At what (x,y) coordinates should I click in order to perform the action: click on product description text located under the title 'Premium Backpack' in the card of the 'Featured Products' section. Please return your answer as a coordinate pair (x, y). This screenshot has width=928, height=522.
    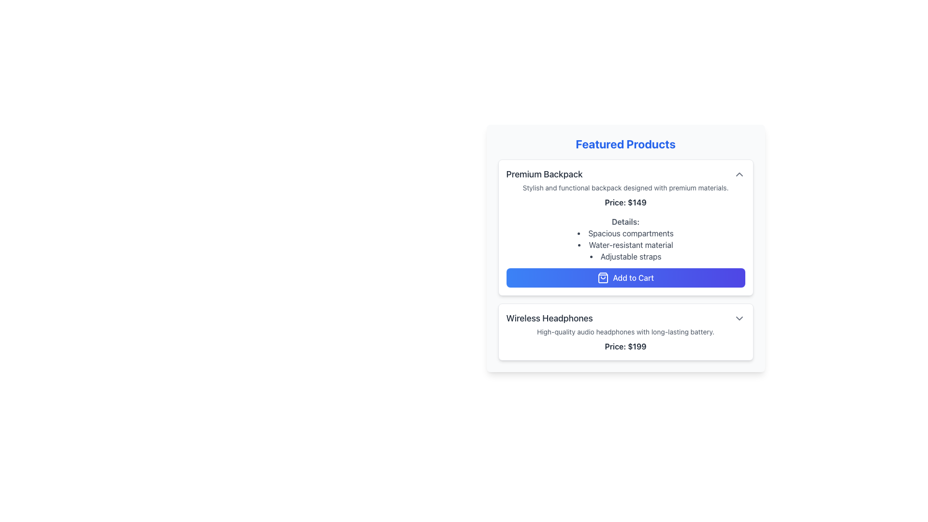
    Looking at the image, I should click on (625, 188).